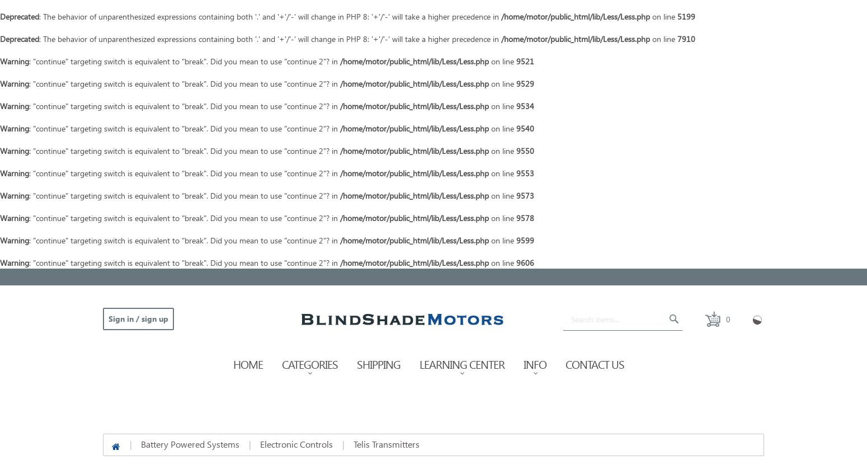  I want to click on '9553', so click(524, 173).